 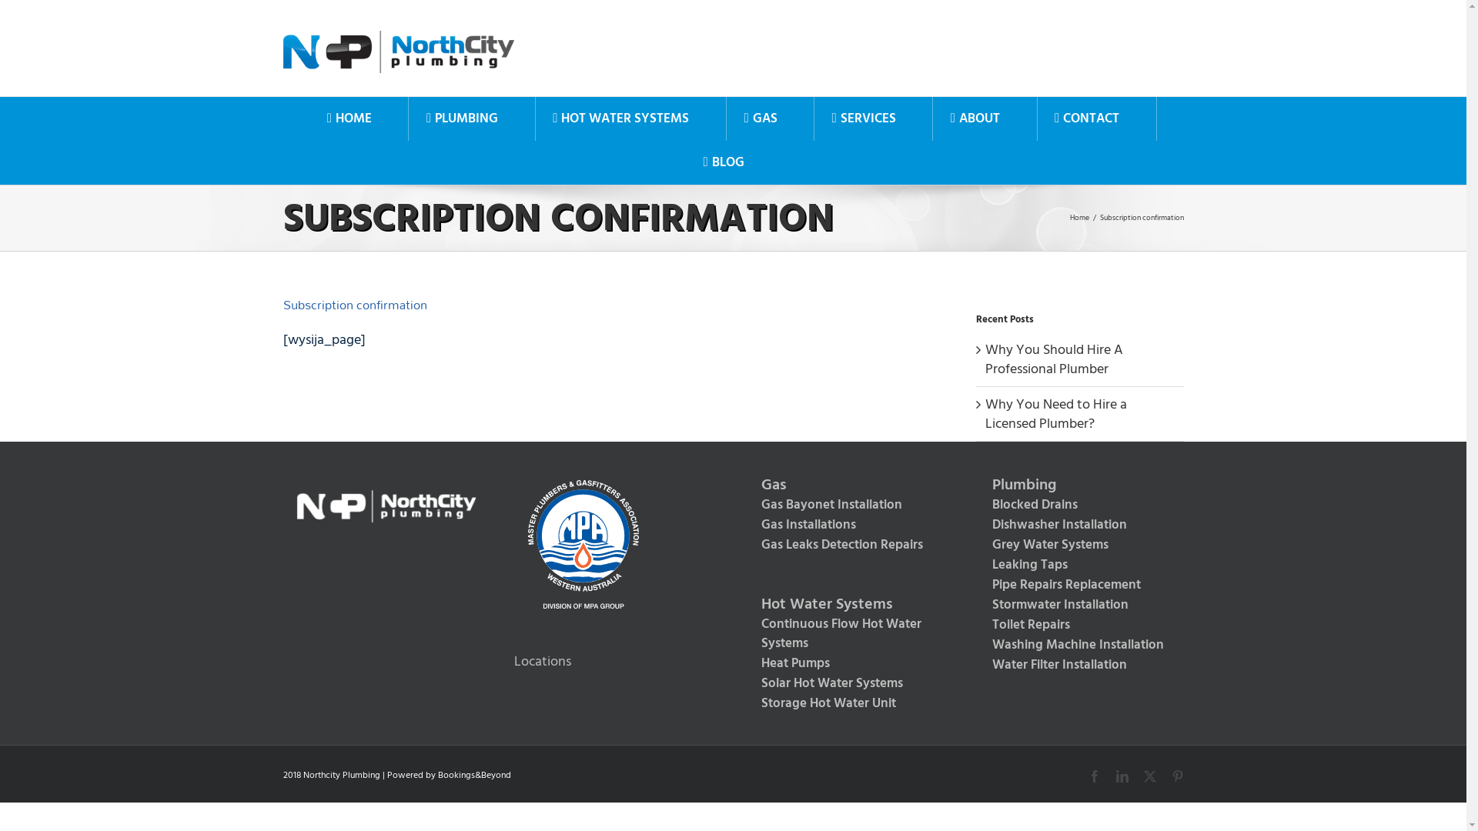 I want to click on 'Continuous Flow Hot Water Systems', so click(x=848, y=634).